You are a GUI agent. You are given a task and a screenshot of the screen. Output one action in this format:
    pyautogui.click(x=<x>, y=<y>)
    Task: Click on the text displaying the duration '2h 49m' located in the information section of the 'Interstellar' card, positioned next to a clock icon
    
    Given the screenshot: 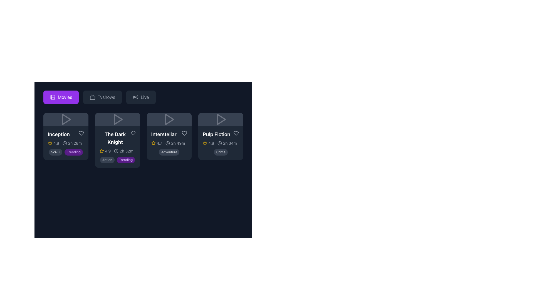 What is the action you would take?
    pyautogui.click(x=178, y=143)
    